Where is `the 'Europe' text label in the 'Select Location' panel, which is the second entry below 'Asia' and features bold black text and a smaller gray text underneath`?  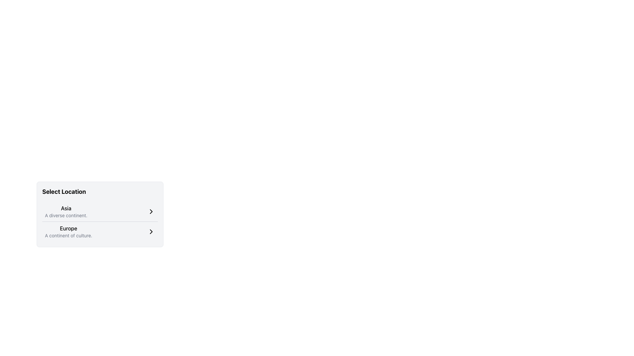
the 'Europe' text label in the 'Select Location' panel, which is the second entry below 'Asia' and features bold black text and a smaller gray text underneath is located at coordinates (68, 231).